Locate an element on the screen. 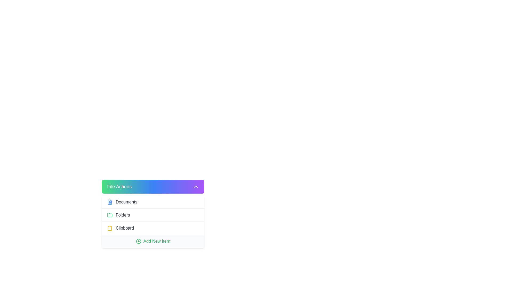 The image size is (512, 288). the text label reading 'Documents' which is located next to the document icon in the 'File Actions' panel is located at coordinates (126, 202).